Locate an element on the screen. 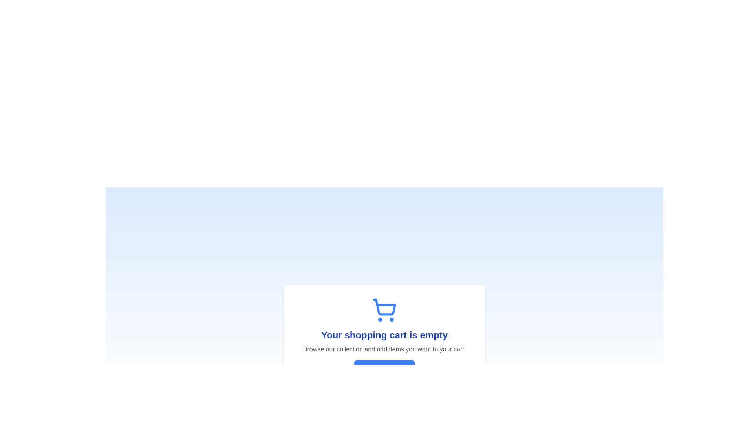  the button located below the 'Your shopping cart is empty' section is located at coordinates (384, 368).